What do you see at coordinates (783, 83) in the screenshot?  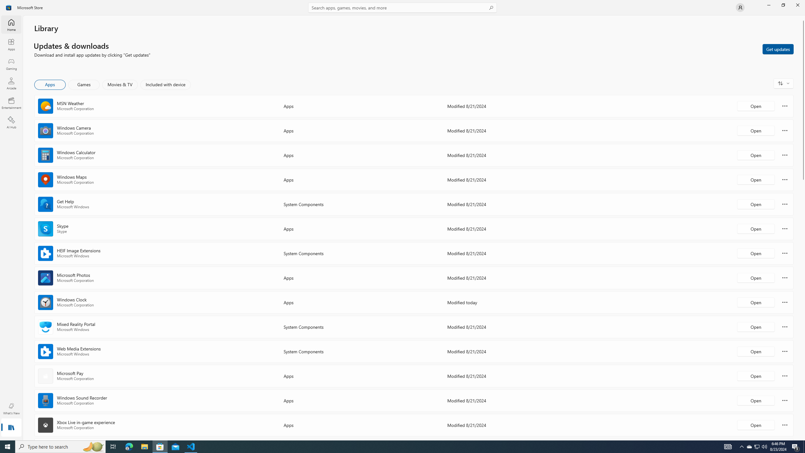 I see `'Sort and filter'` at bounding box center [783, 83].